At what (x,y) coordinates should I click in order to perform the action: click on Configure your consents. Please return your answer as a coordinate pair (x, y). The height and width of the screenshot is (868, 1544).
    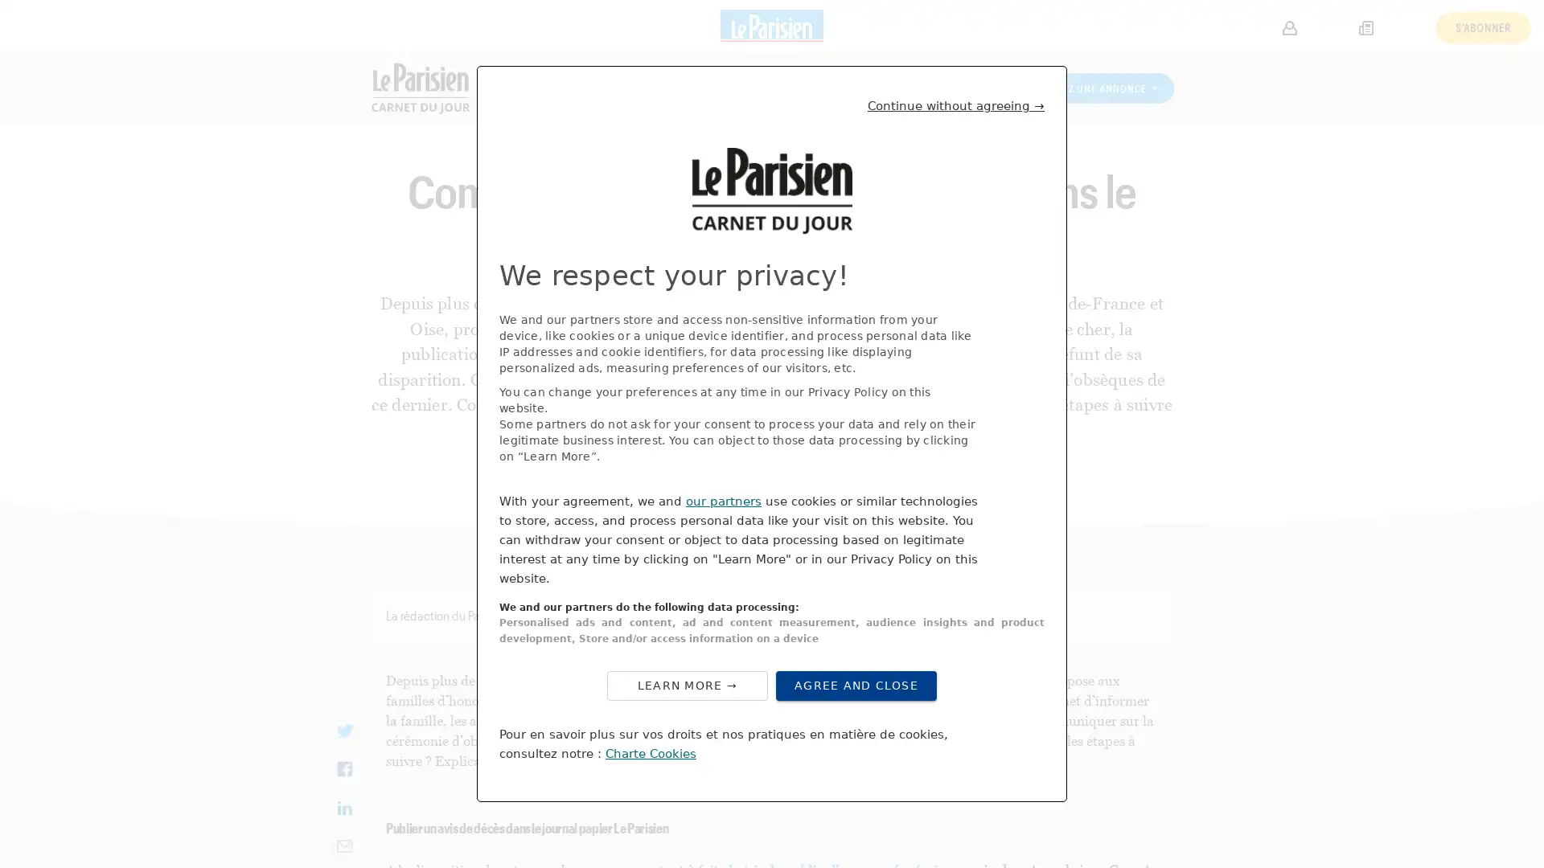
    Looking at the image, I should click on (687, 685).